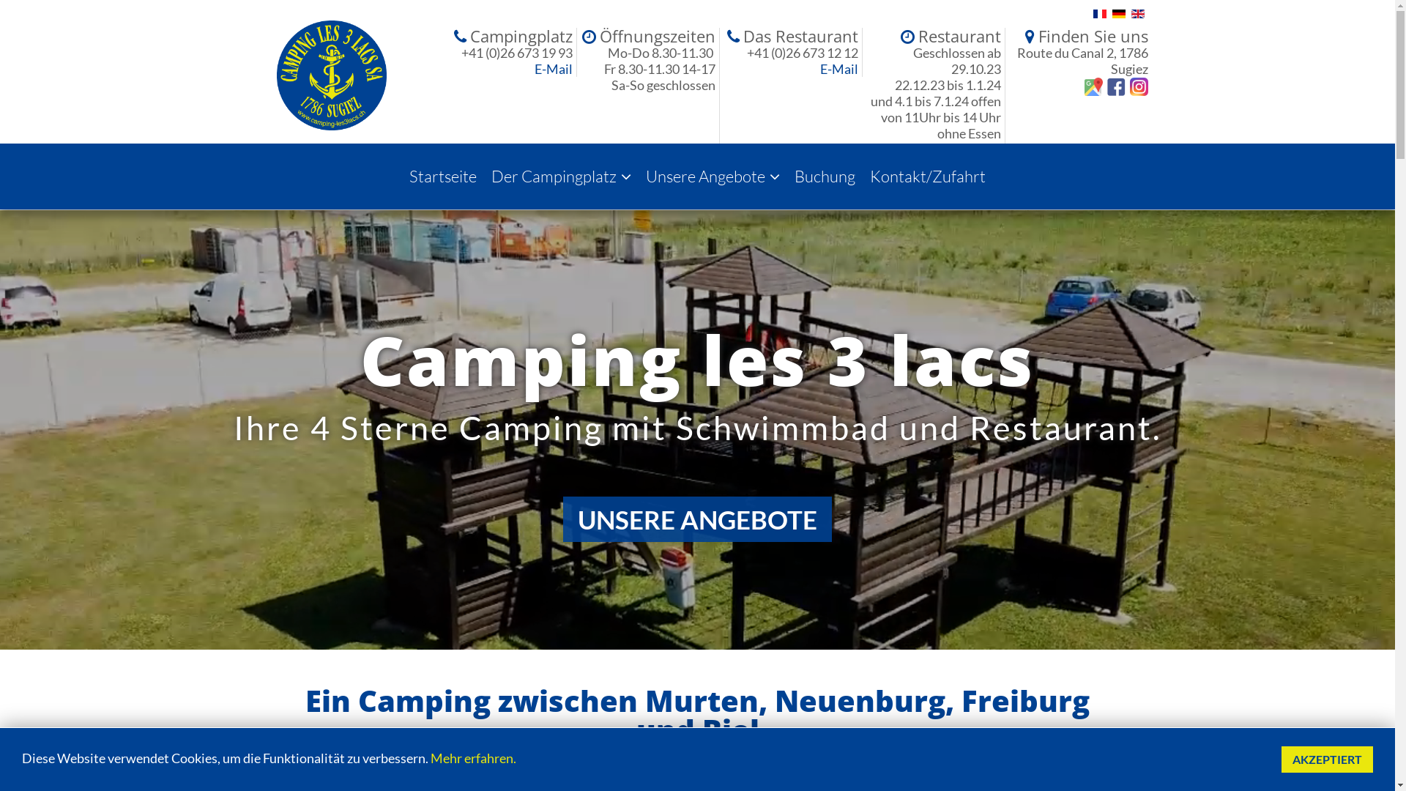  What do you see at coordinates (825, 175) in the screenshot?
I see `'Buchung'` at bounding box center [825, 175].